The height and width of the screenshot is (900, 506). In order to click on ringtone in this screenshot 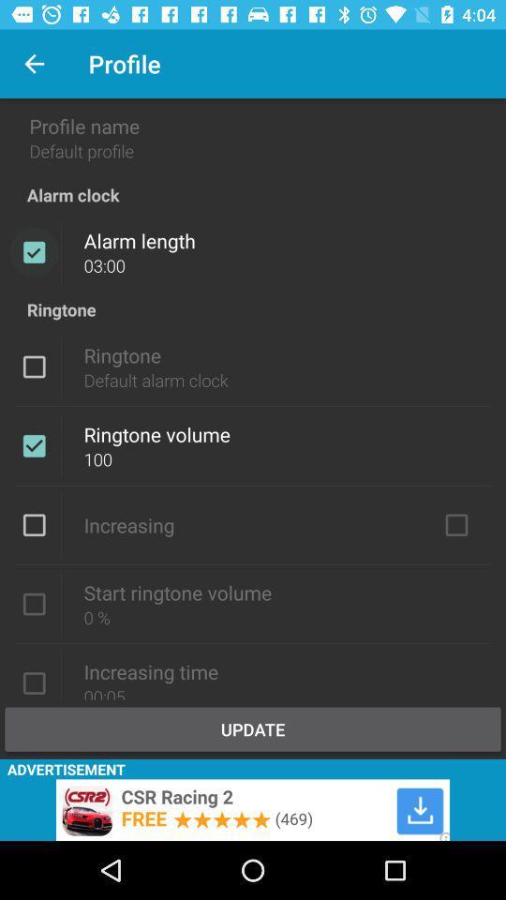, I will do `click(34, 366)`.